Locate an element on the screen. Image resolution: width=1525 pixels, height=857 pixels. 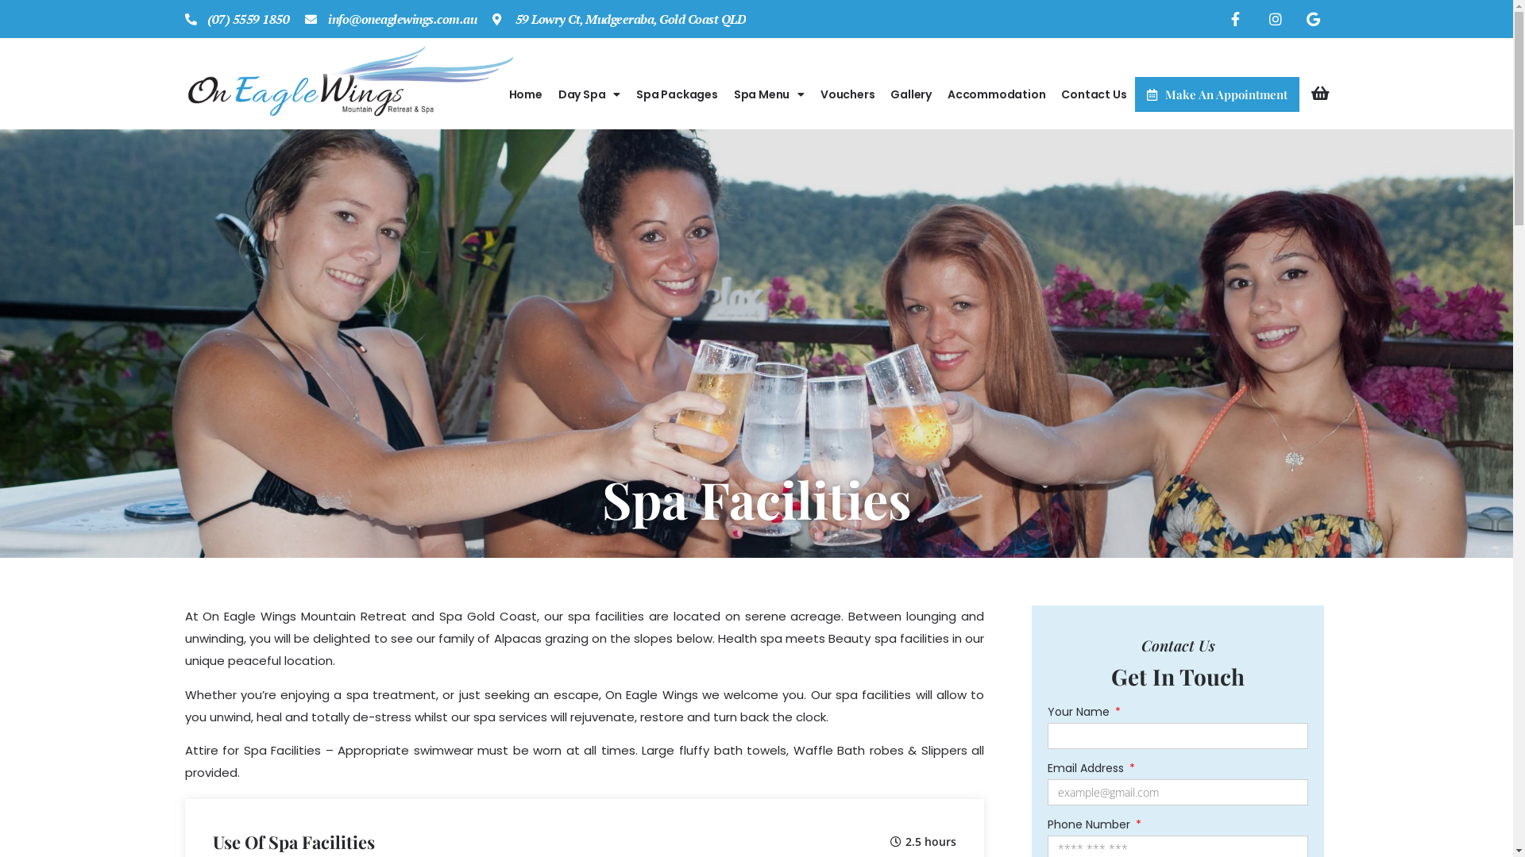
'Make An Appointment' is located at coordinates (1216, 94).